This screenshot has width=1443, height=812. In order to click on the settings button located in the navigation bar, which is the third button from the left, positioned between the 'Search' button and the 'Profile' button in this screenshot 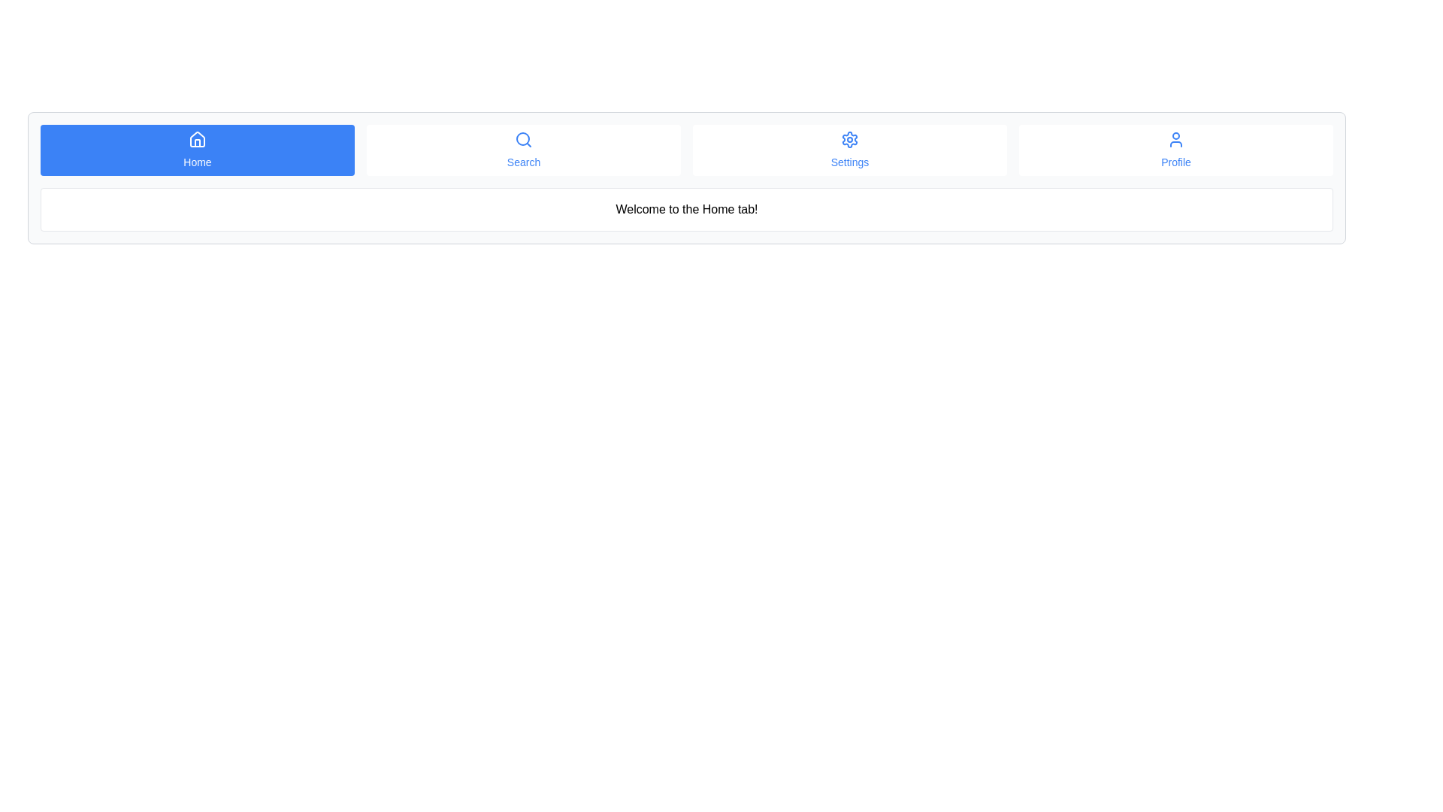, I will do `click(850, 150)`.